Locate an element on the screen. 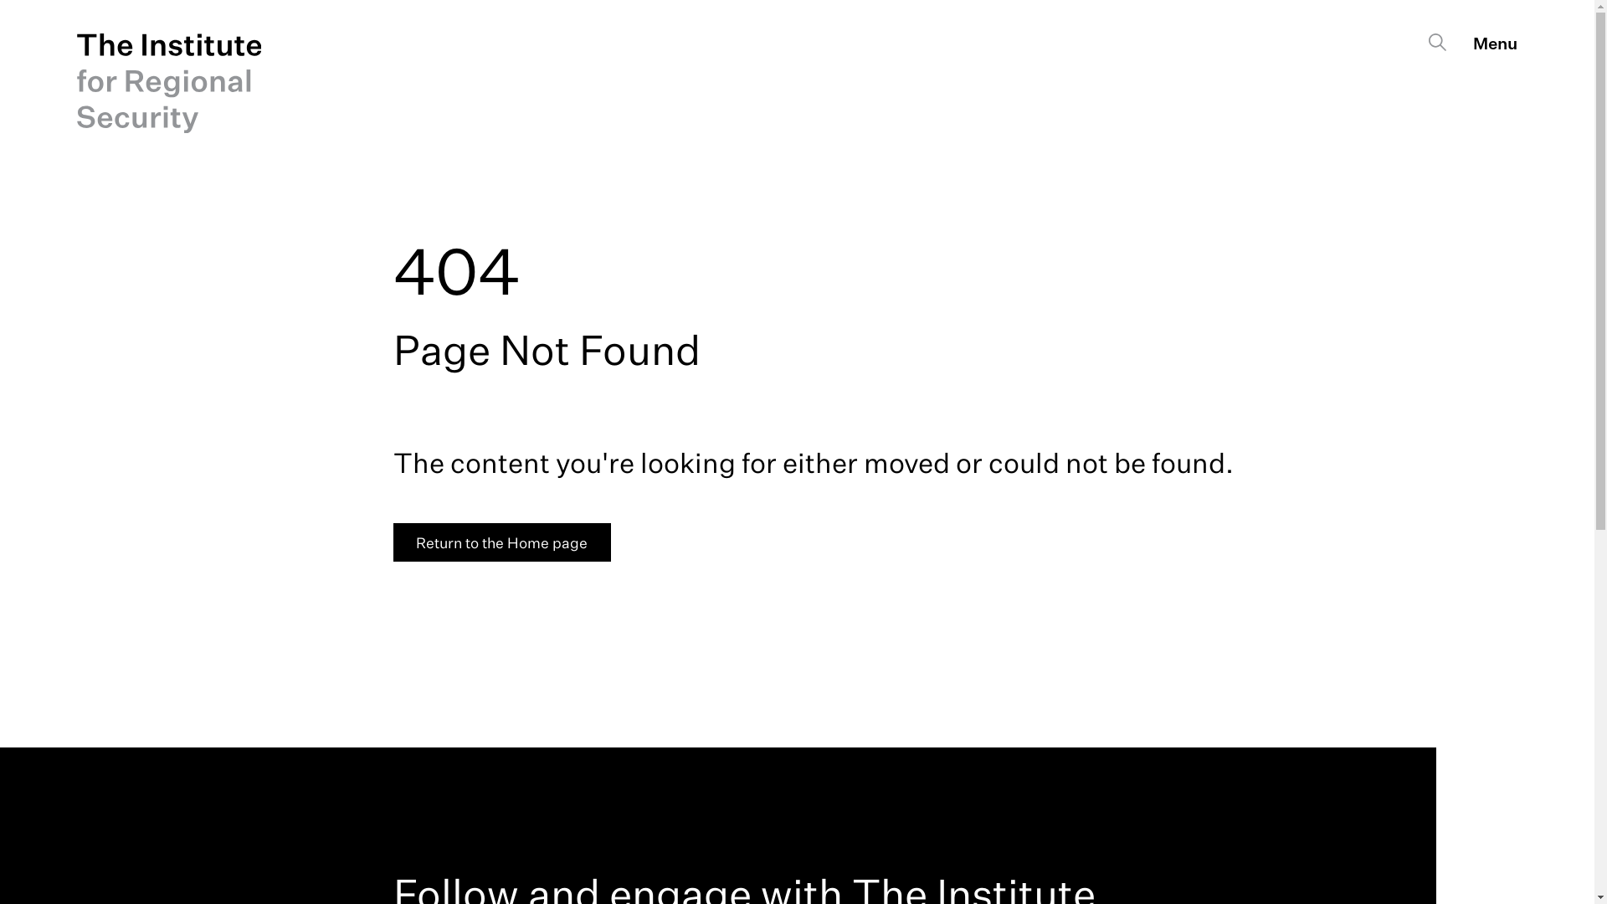 This screenshot has width=1607, height=904. 'Return to the Home page' is located at coordinates (501, 542).